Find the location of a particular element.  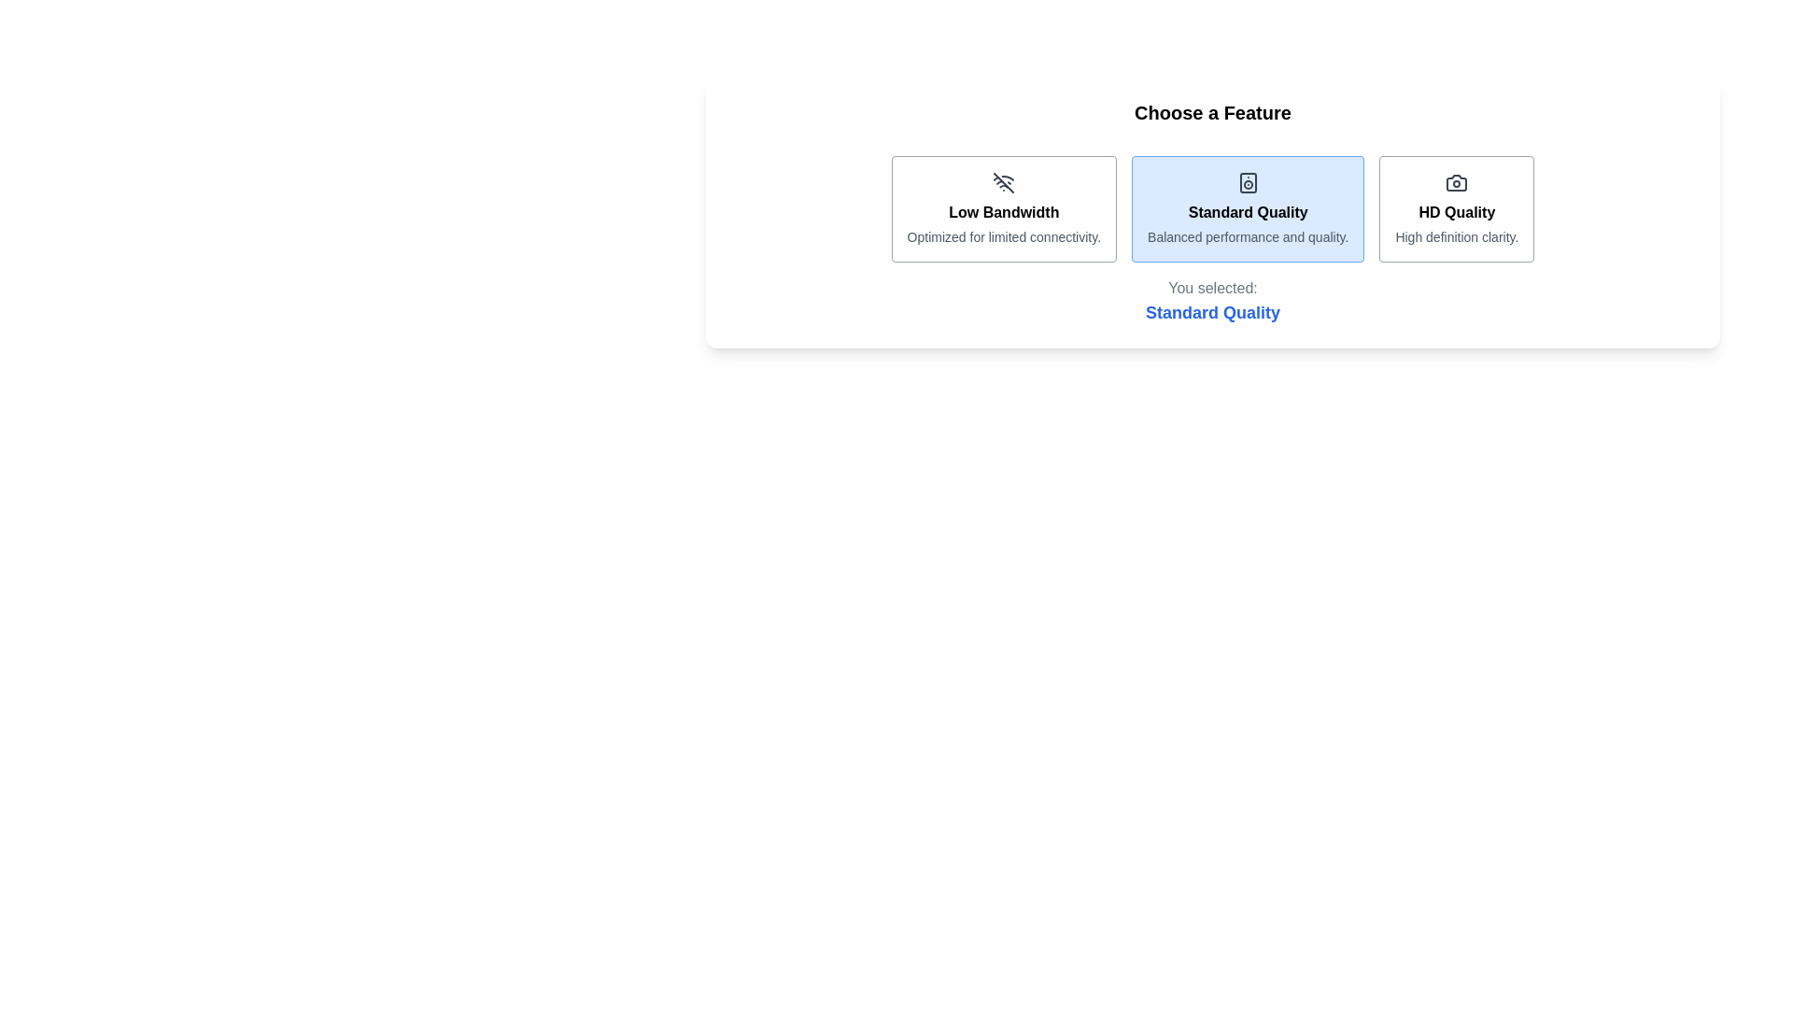

the bold text label reading 'Choose a Feature' positioned at the top of the selection panel is located at coordinates (1213, 112).